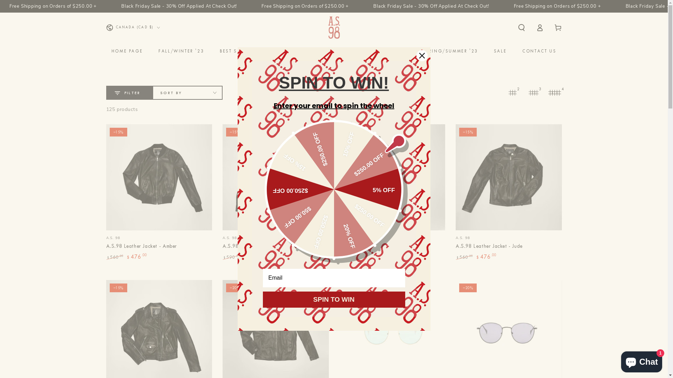 This screenshot has height=378, width=673. What do you see at coordinates (539, 50) in the screenshot?
I see `'CONTACT US'` at bounding box center [539, 50].